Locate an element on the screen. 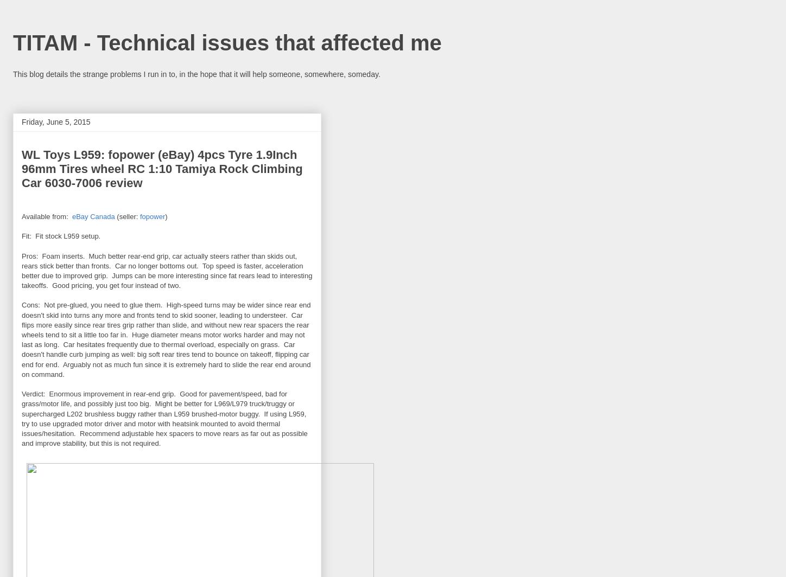  'fopower' is located at coordinates (151, 216).